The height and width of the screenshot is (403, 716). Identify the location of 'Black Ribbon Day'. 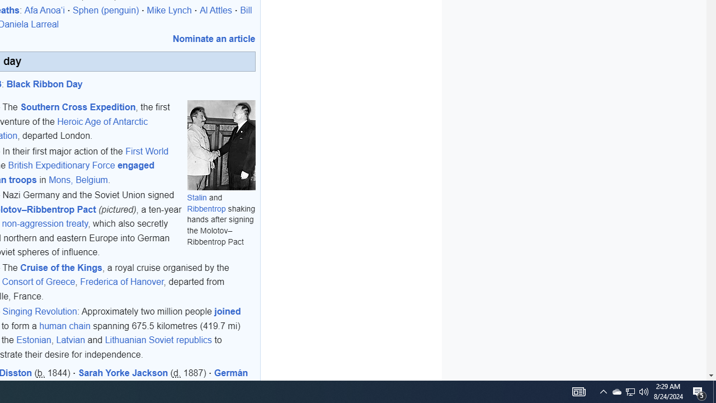
(45, 83).